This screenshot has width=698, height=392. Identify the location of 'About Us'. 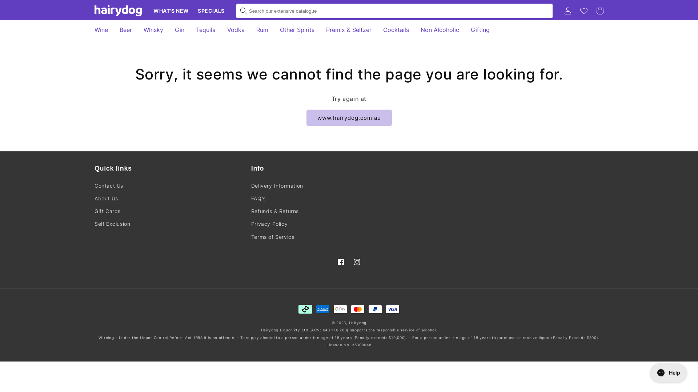
(106, 198).